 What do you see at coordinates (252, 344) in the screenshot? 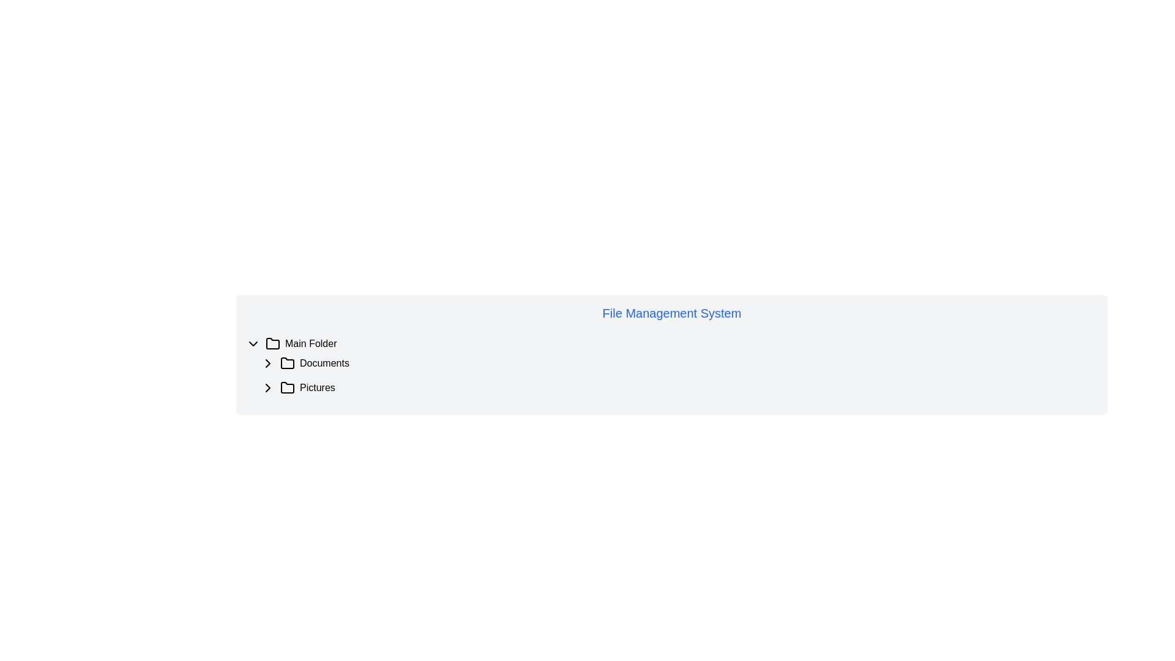
I see `the Toggle/Expander Icon for the 'Main Folder'` at bounding box center [252, 344].